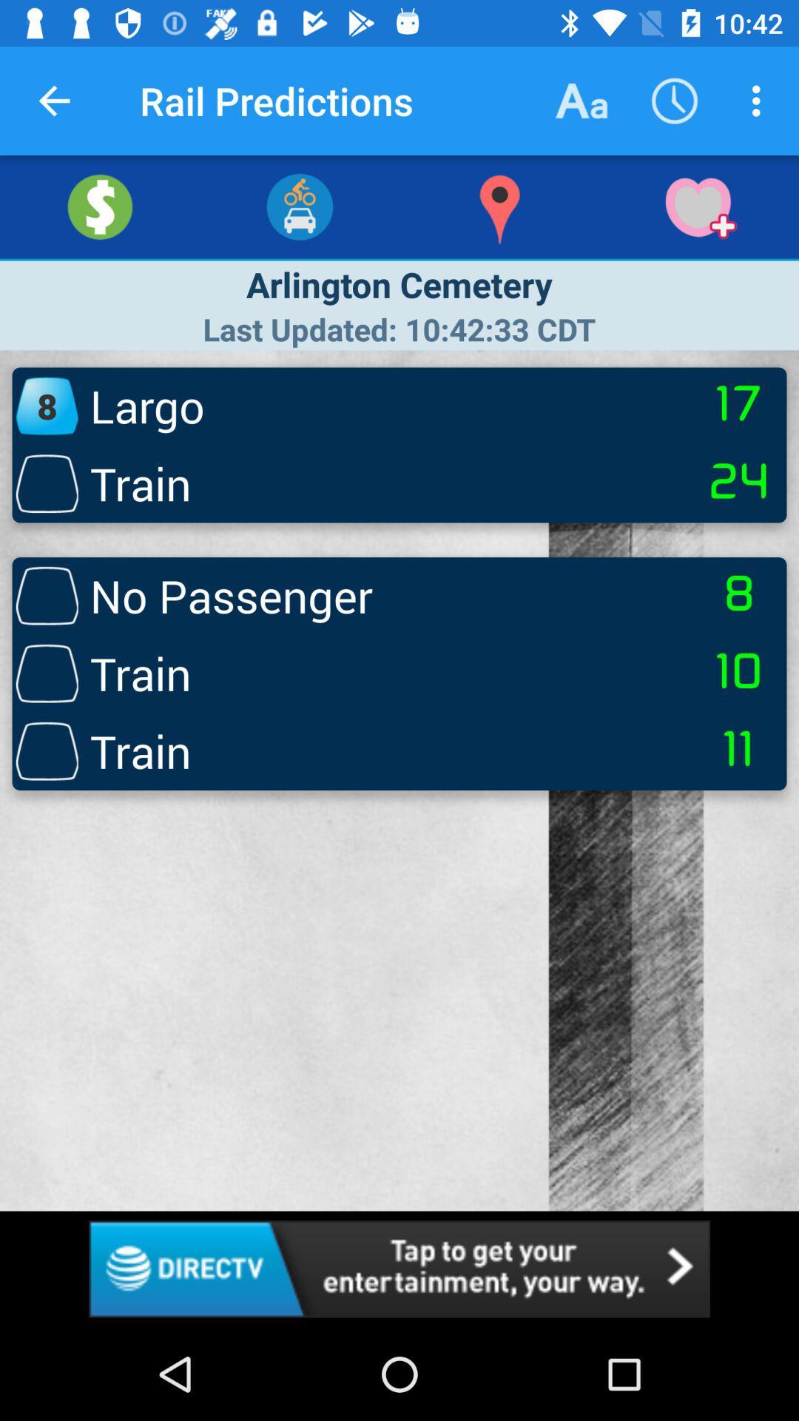 This screenshot has width=799, height=1421. Describe the element at coordinates (100, 206) in the screenshot. I see `payment information` at that location.